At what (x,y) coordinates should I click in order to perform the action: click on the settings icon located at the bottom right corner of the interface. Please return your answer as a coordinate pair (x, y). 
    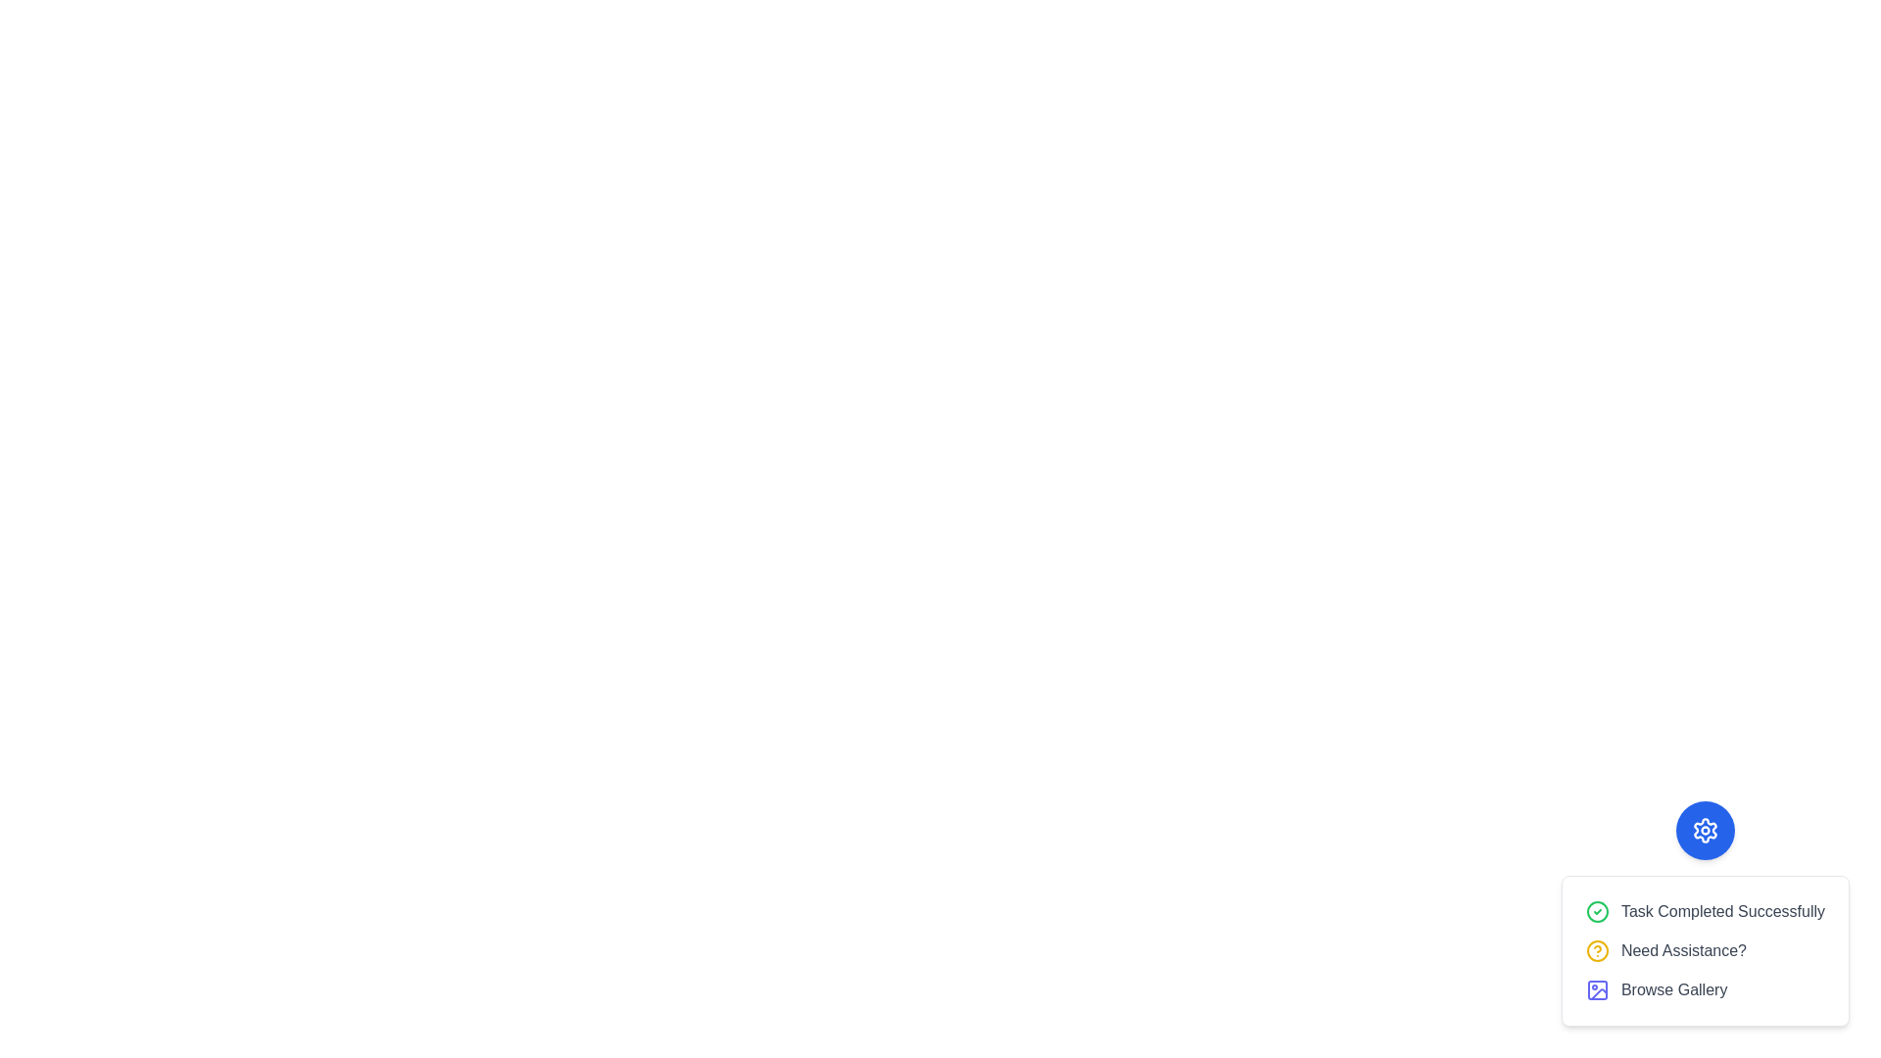
    Looking at the image, I should click on (1704, 831).